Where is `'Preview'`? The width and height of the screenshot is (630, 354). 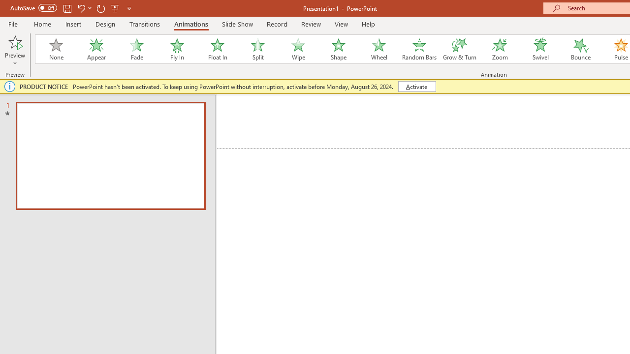 'Preview' is located at coordinates (15, 41).